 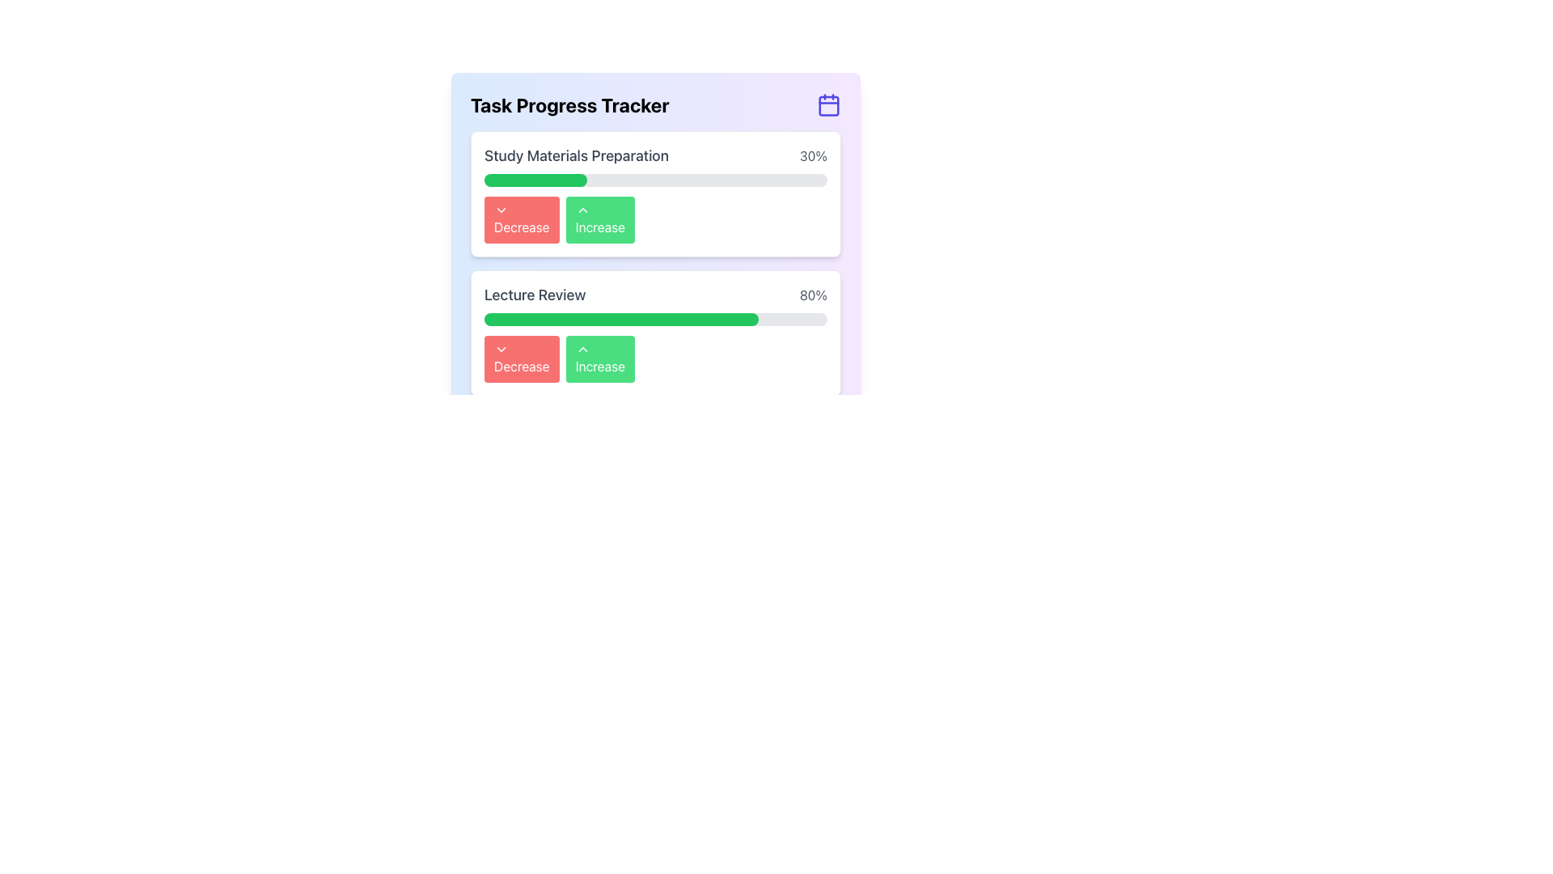 What do you see at coordinates (576, 155) in the screenshot?
I see `the static text label for 'Study Materials Preparation', which is located below the title 'Task Progress Tracker' and aligned to the left` at bounding box center [576, 155].